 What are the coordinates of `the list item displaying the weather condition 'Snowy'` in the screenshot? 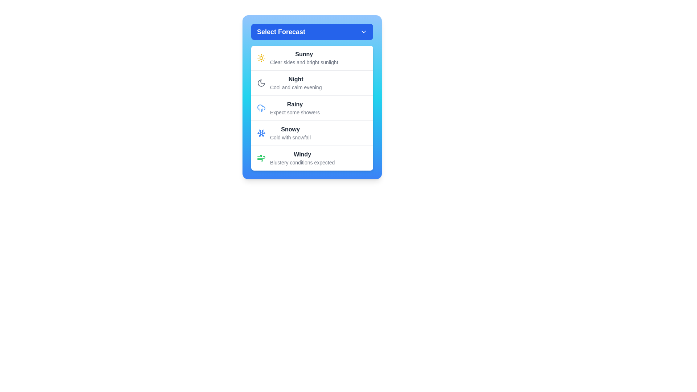 It's located at (312, 133).